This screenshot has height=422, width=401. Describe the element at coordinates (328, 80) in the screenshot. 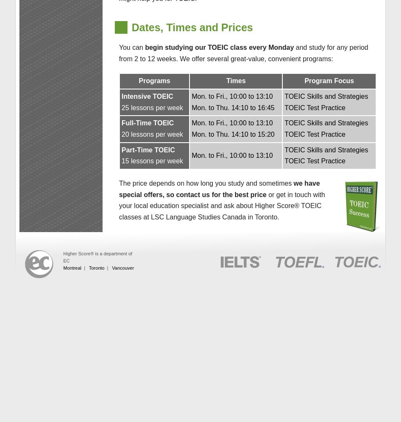

I see `'Program Focus'` at that location.